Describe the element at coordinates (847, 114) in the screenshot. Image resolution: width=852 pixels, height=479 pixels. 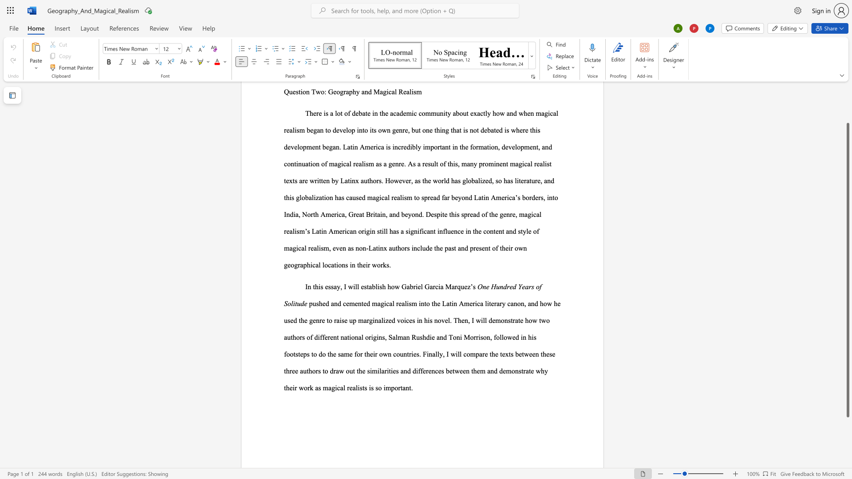
I see `the scrollbar to move the content higher` at that location.